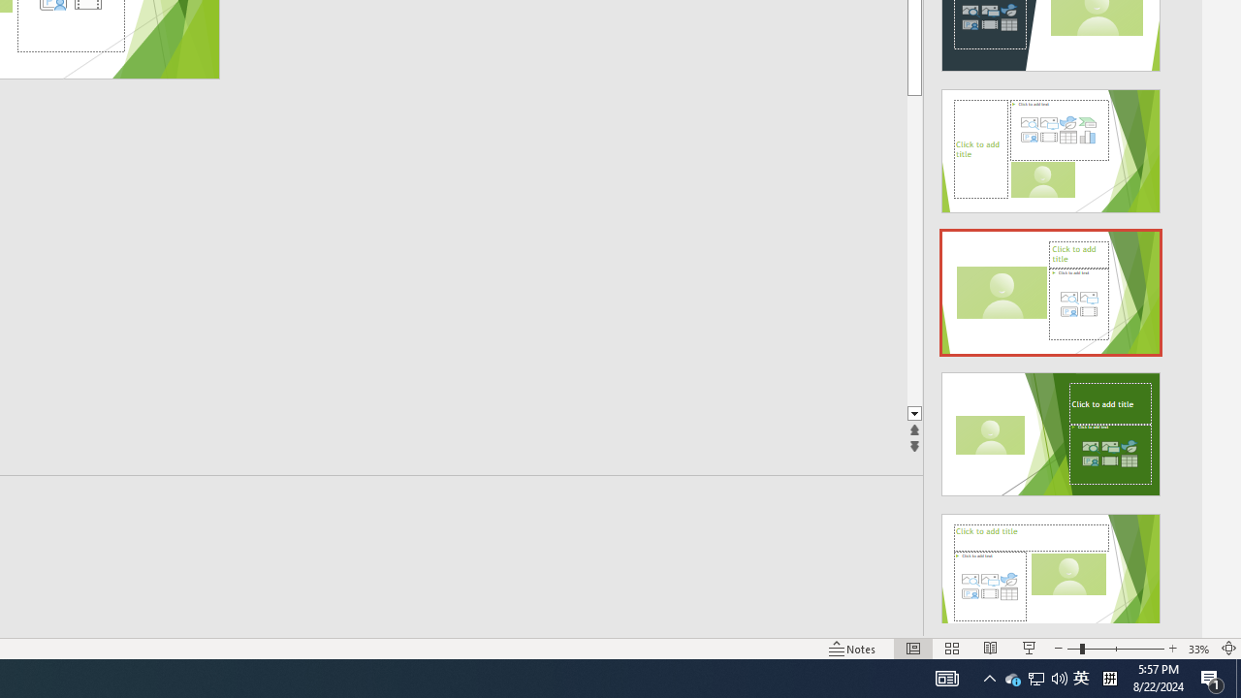 Image resolution: width=1241 pixels, height=698 pixels. What do you see at coordinates (1115, 649) in the screenshot?
I see `'Zoom'` at bounding box center [1115, 649].